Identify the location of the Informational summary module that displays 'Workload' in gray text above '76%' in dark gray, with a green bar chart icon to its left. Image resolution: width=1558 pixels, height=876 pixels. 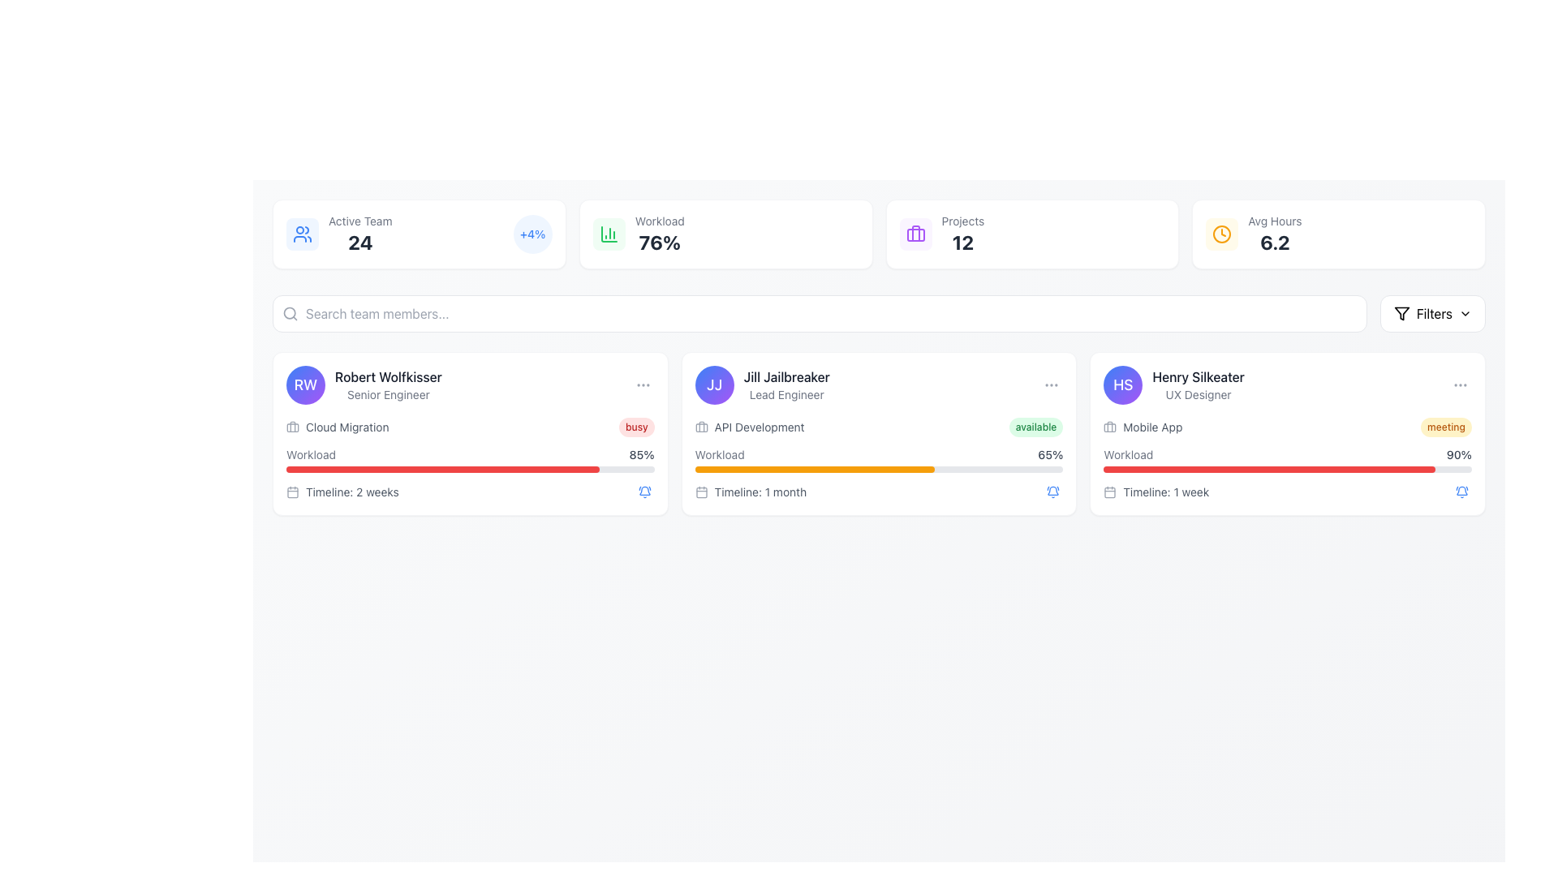
(638, 234).